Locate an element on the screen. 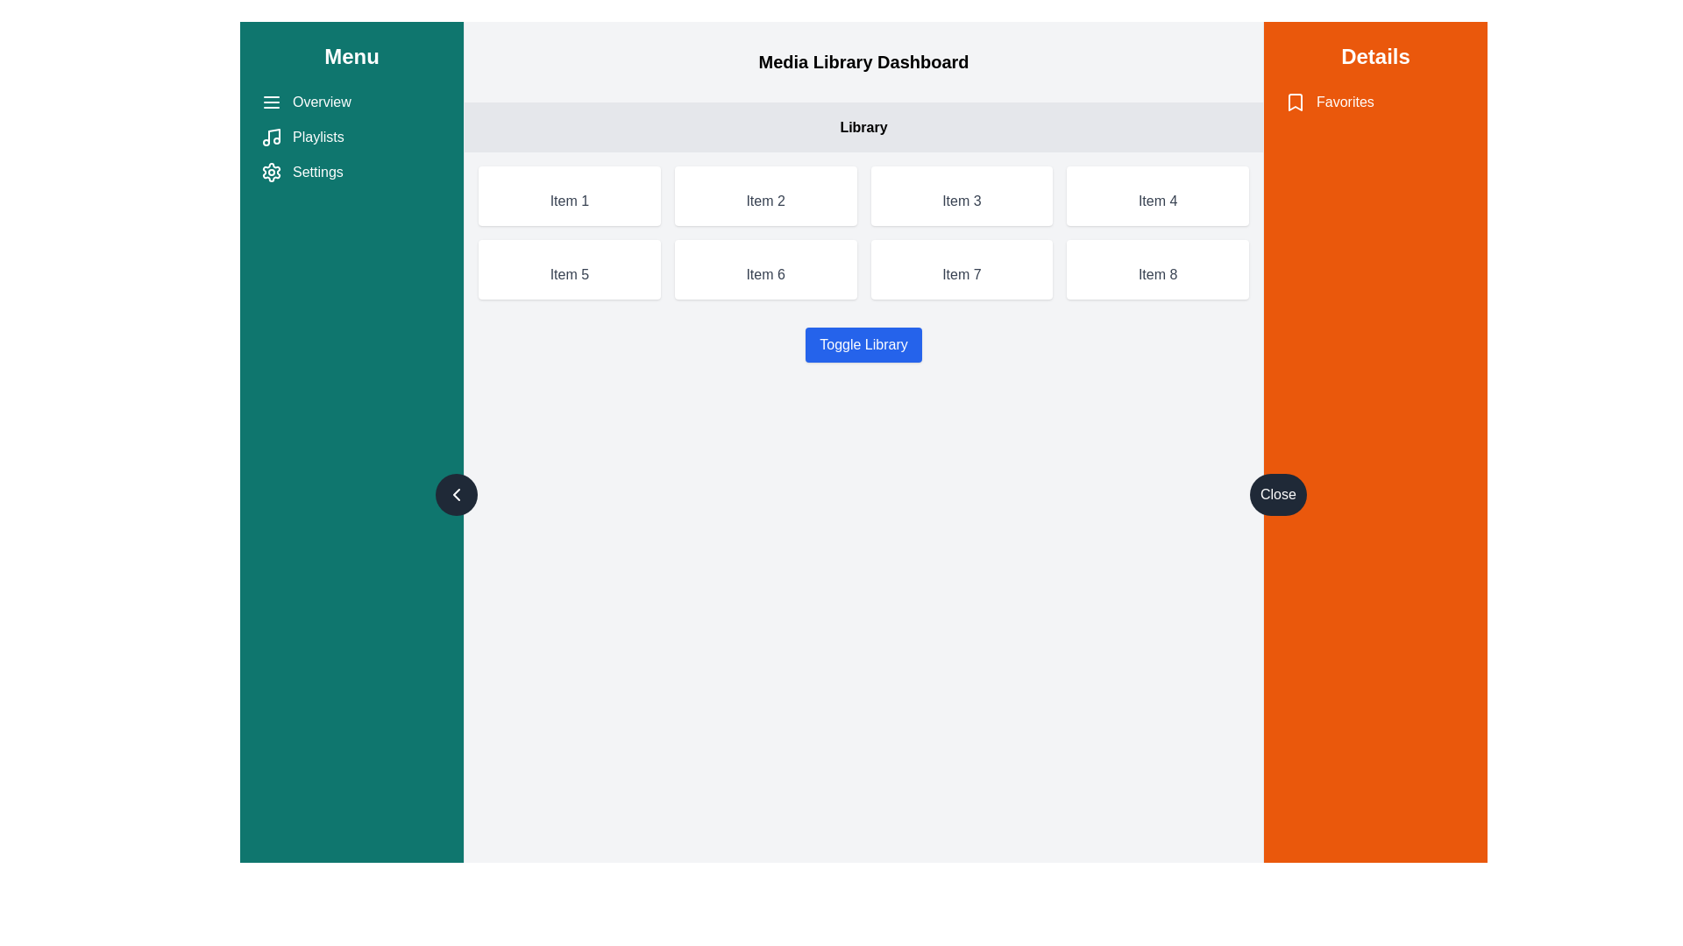  the first static card in the grid layout of items labeled 'Item 1', which is located in the top-left corner of the grid within the 'Library' section is located at coordinates (569, 195).